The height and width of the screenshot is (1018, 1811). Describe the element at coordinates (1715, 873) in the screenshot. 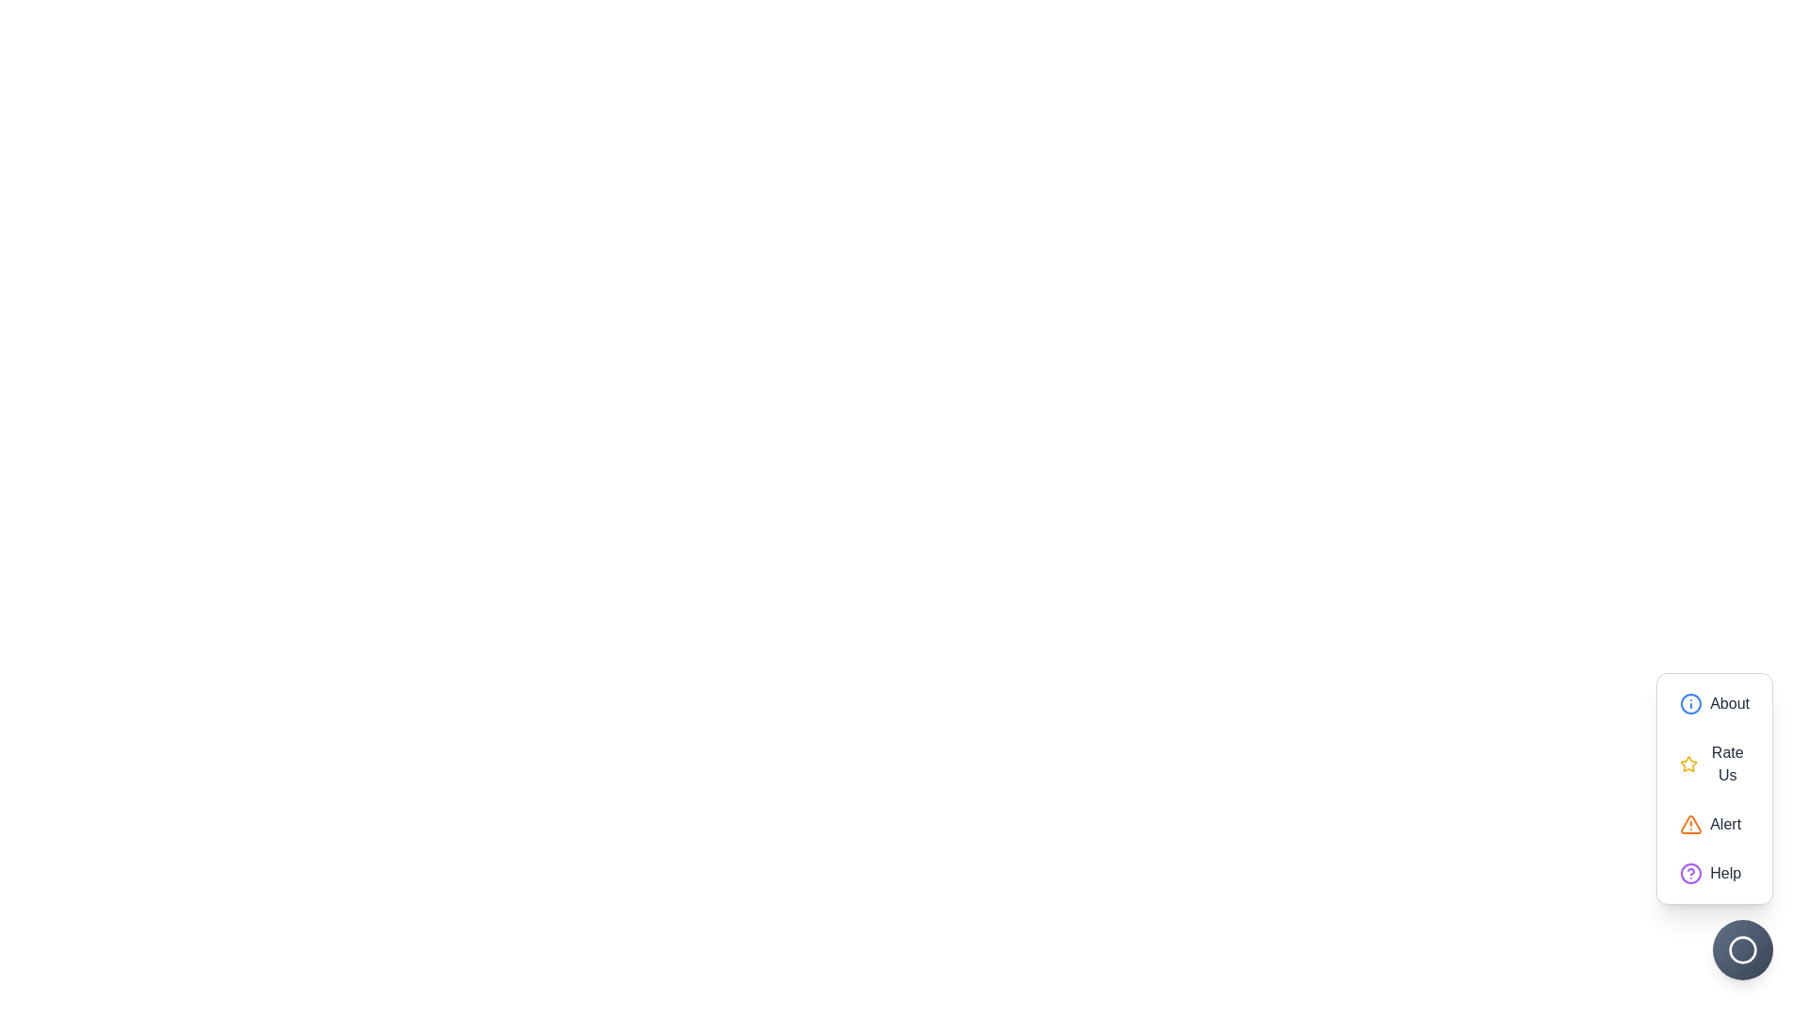

I see `the 'Help' button` at that location.